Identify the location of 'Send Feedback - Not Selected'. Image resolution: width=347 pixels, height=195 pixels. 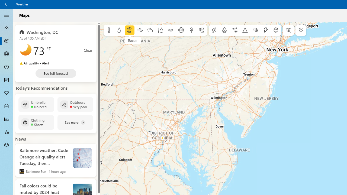
(7, 145).